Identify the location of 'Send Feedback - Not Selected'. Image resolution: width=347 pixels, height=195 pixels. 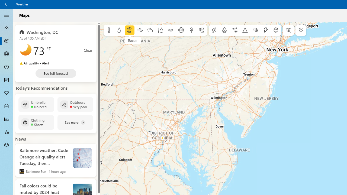
(7, 145).